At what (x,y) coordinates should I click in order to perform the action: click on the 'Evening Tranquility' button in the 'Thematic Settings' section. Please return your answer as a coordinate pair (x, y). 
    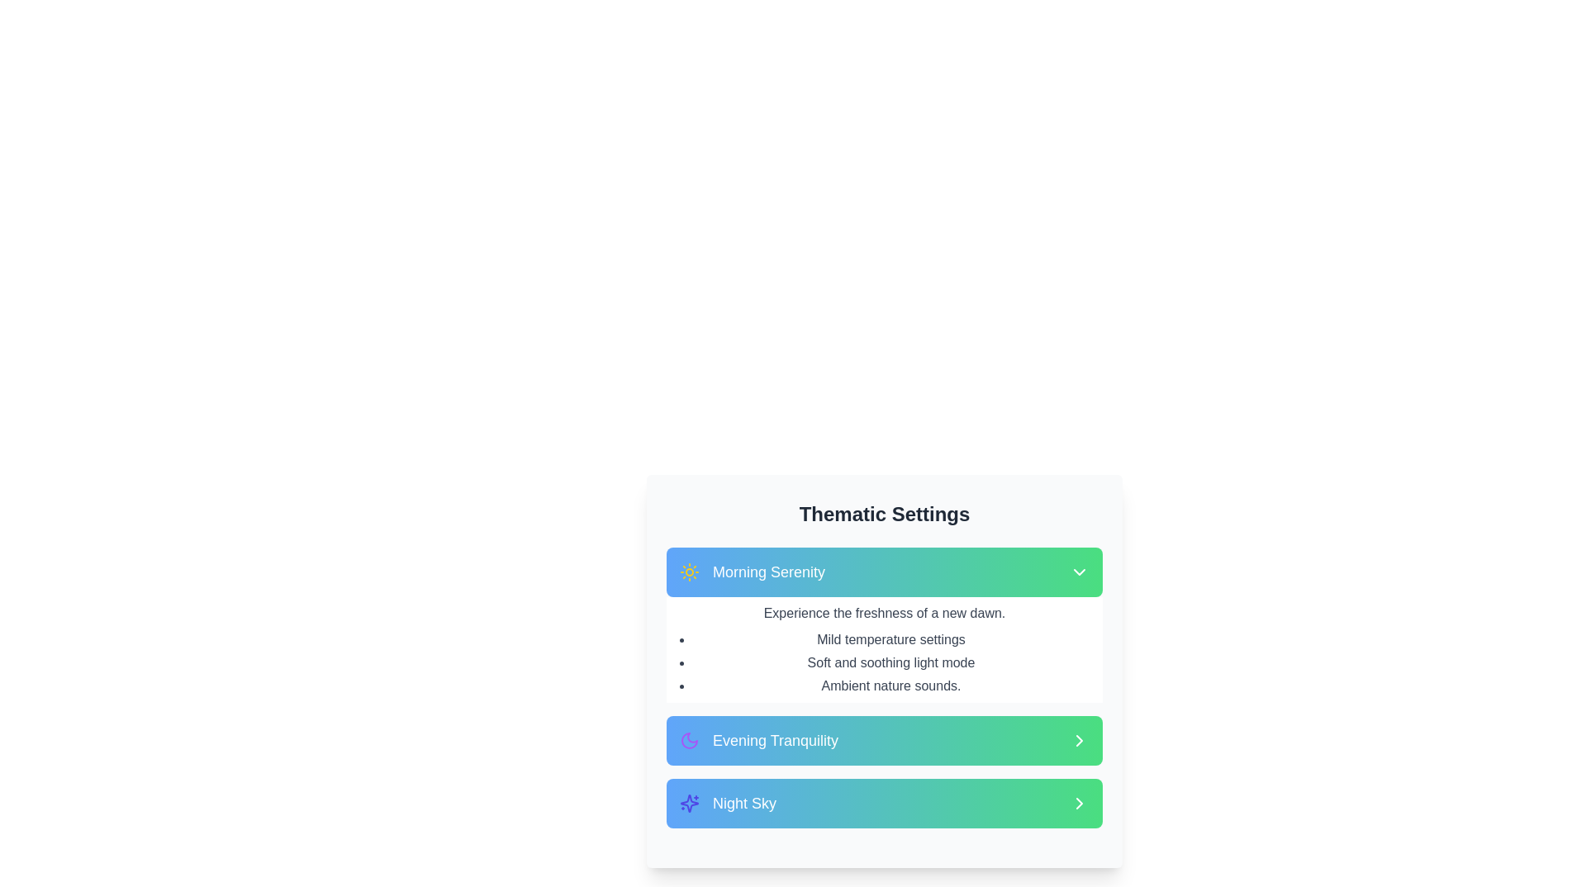
    Looking at the image, I should click on (883, 740).